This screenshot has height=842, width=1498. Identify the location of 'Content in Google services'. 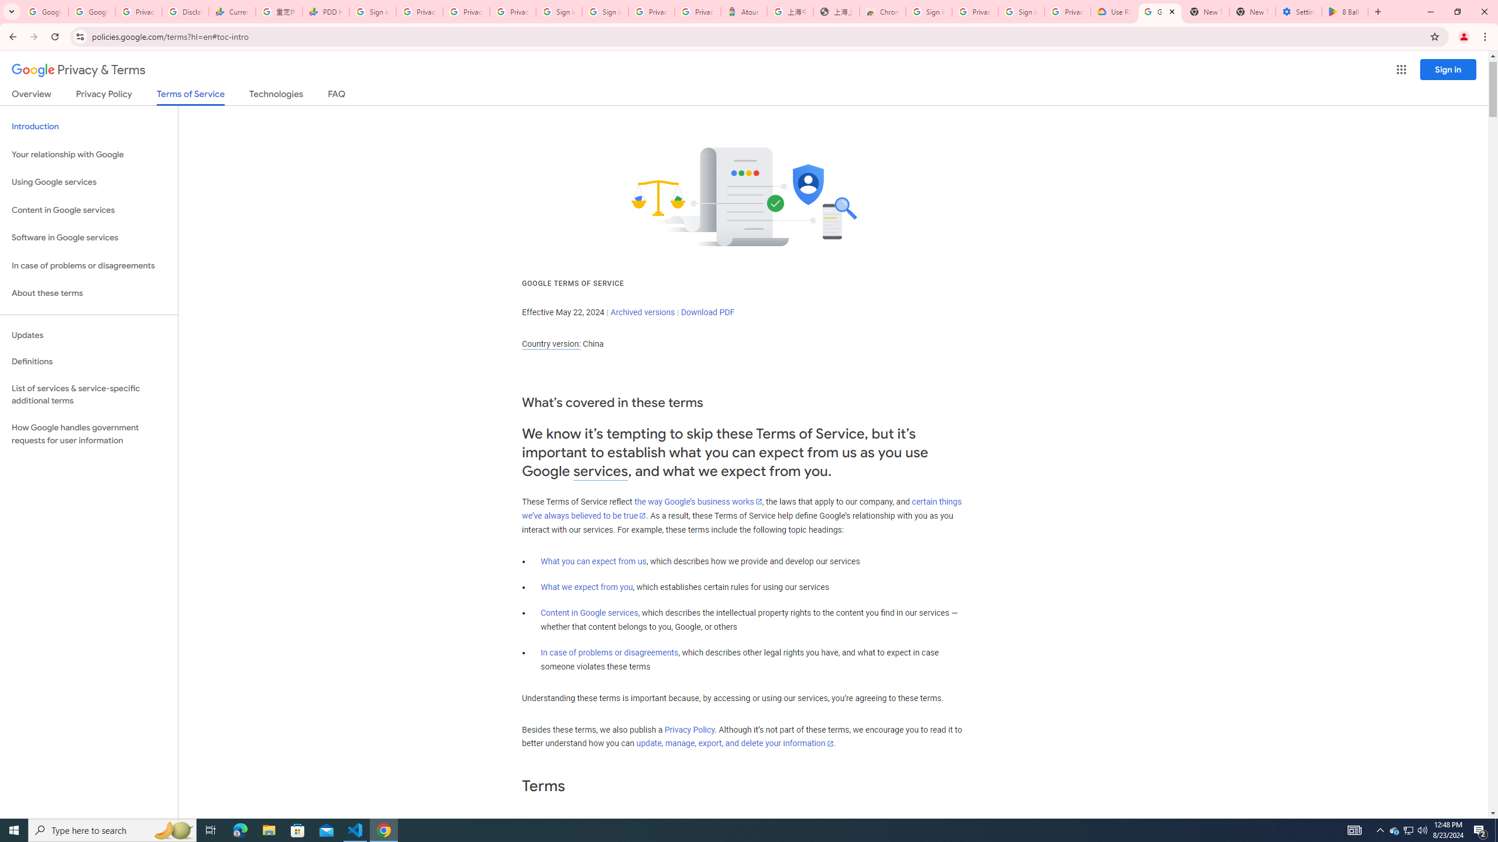
(589, 613).